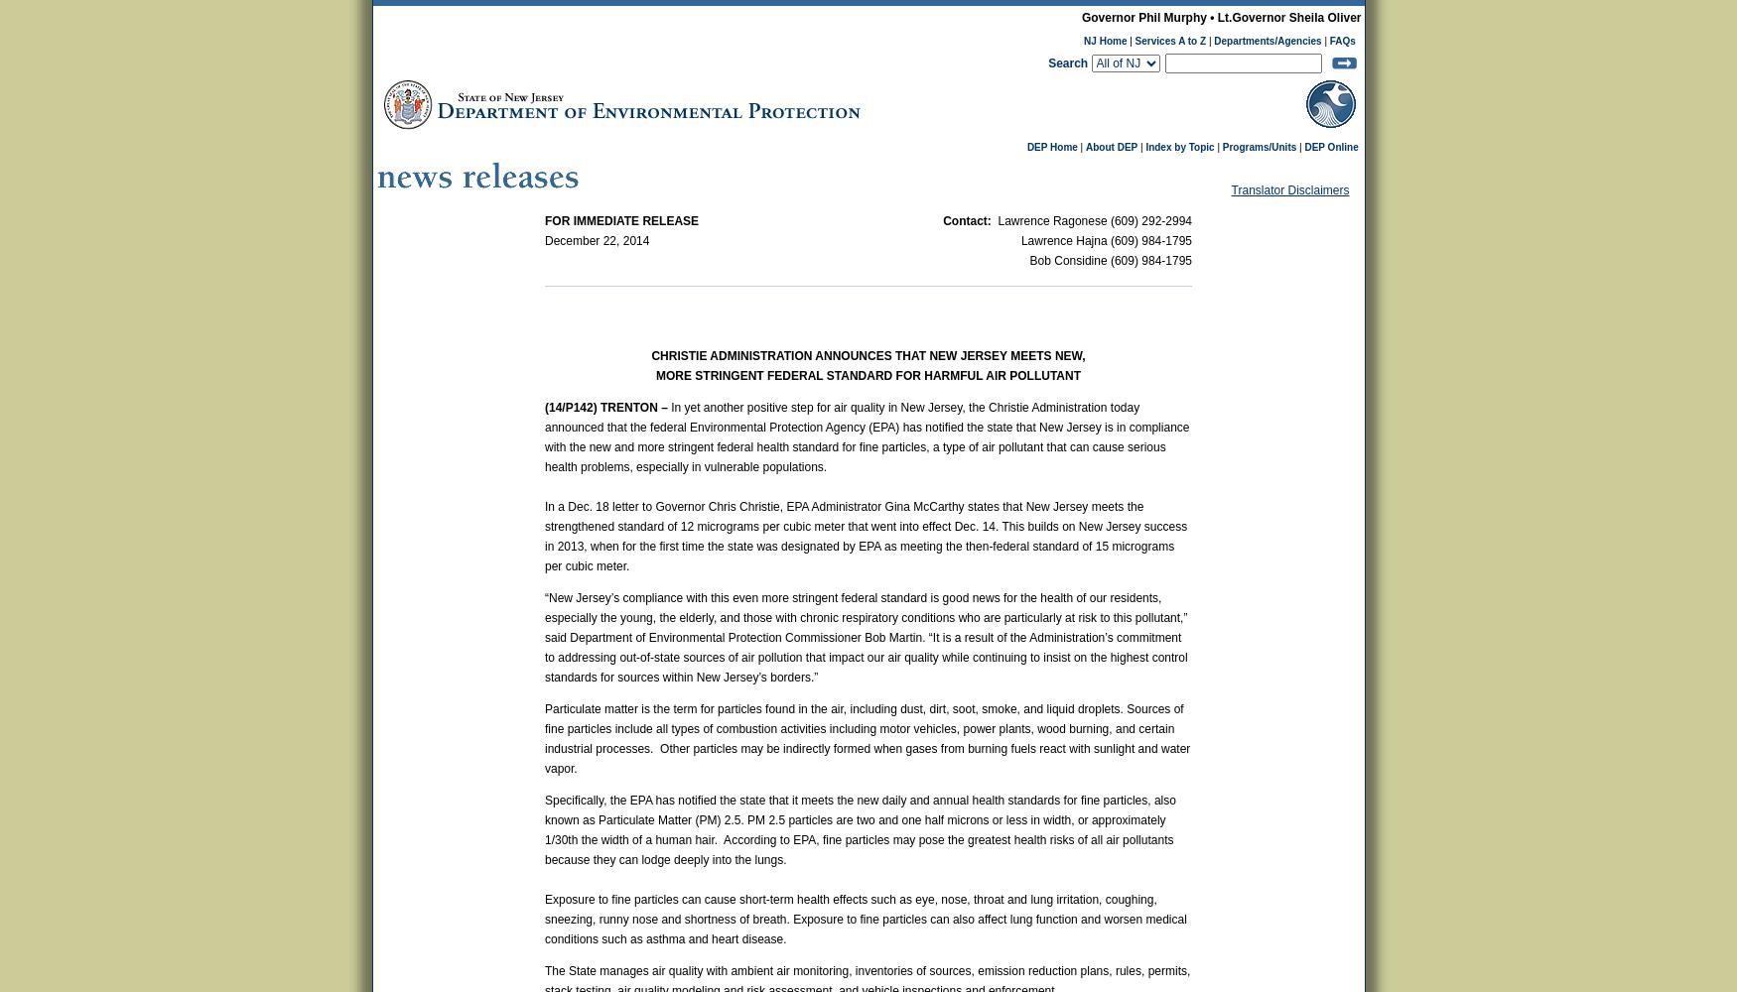 The height and width of the screenshot is (992, 1737). I want to click on 'Index by Topic', so click(1179, 147).